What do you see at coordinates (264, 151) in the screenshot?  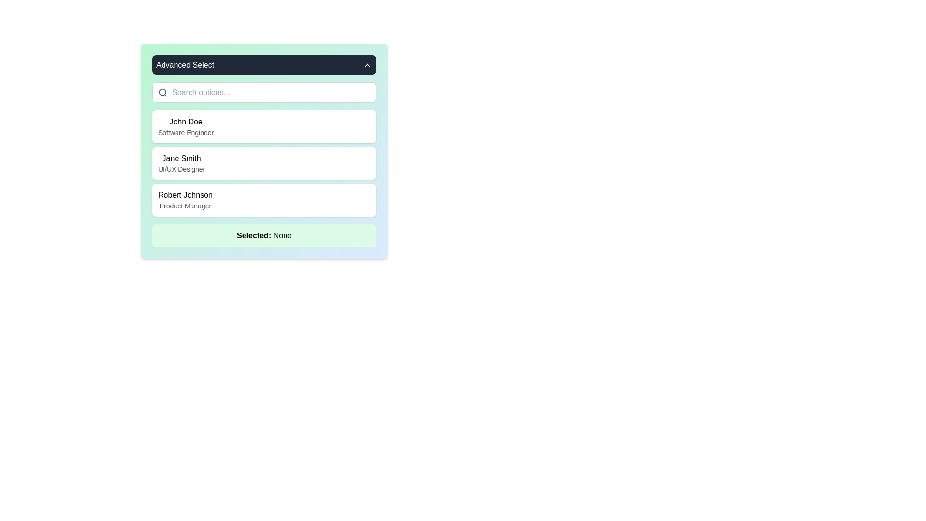 I see `the second interactive entry in the list representing 'Jane Smith'` at bounding box center [264, 151].